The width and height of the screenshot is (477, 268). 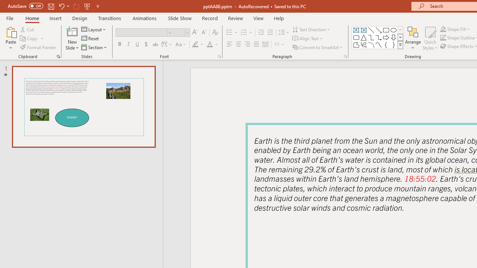 I want to click on 'Rectangle: Rounded Corners', so click(x=356, y=37).